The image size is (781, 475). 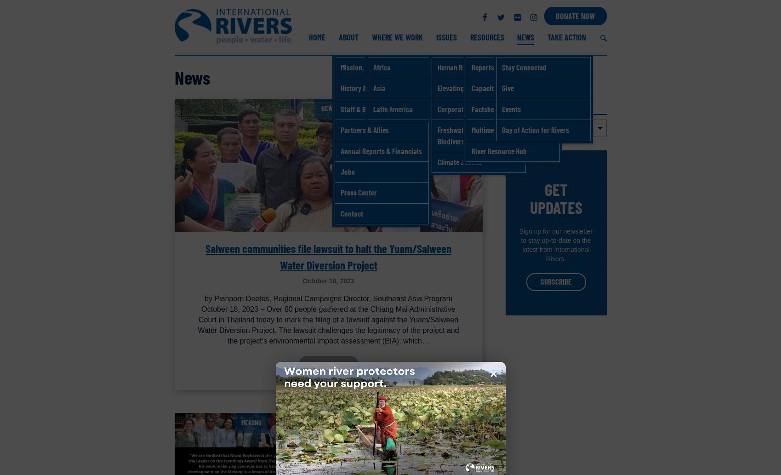 I want to click on 'Mekong', so click(x=251, y=422).